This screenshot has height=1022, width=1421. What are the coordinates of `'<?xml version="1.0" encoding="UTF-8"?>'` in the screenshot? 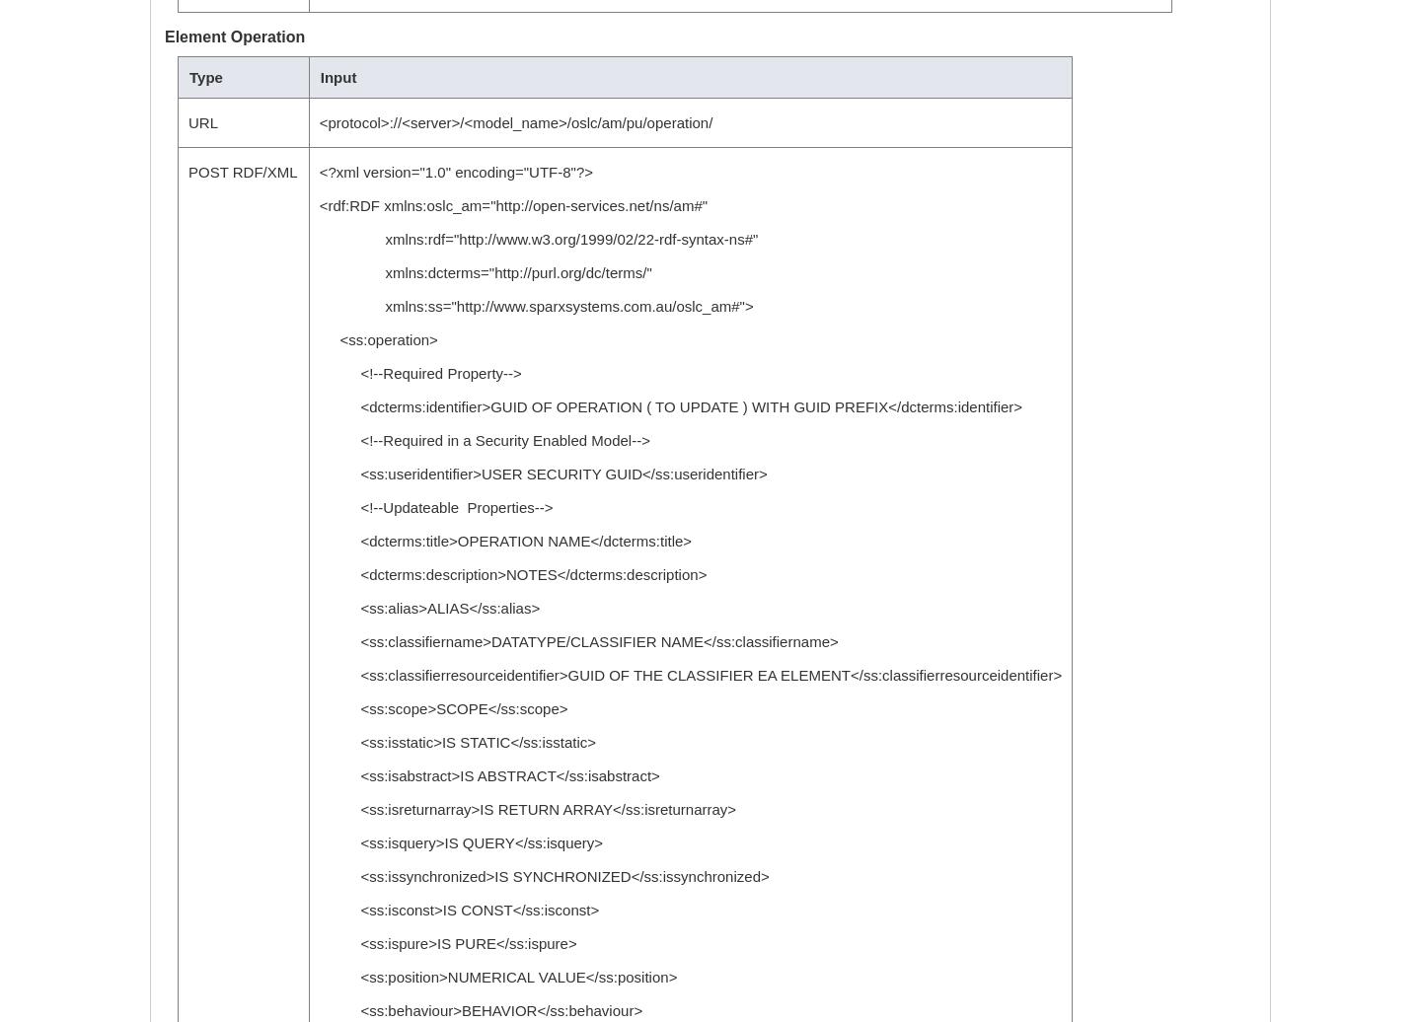 It's located at (455, 172).